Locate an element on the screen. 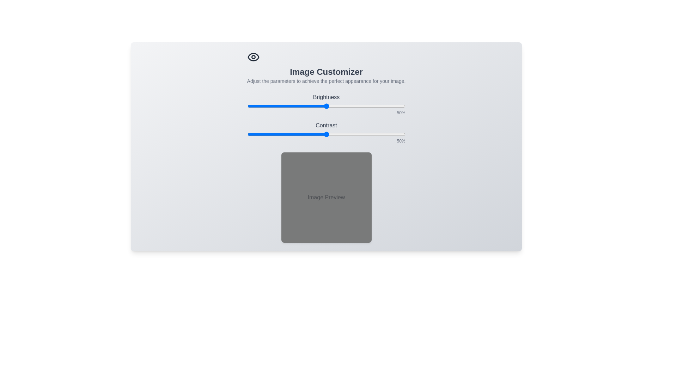  the brightness slider to set brightness to 55% is located at coordinates (334, 106).